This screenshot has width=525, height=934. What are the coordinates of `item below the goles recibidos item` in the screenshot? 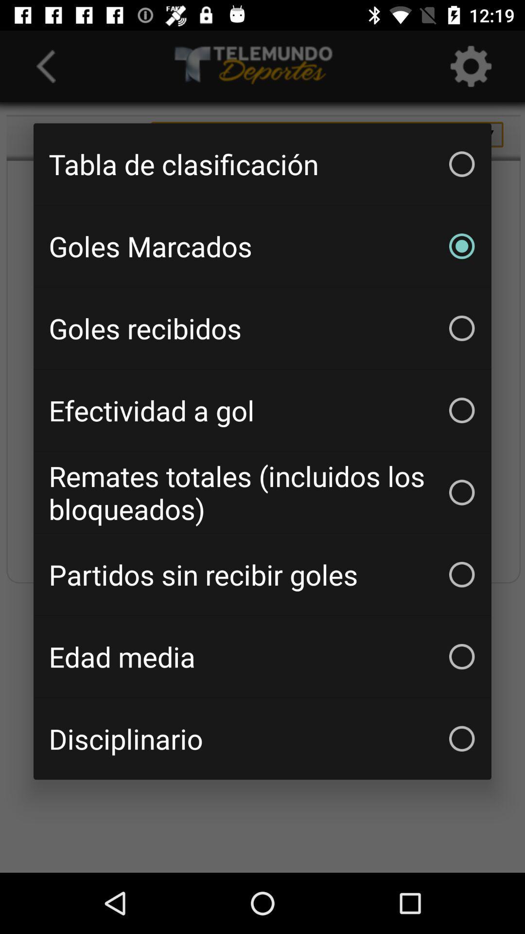 It's located at (262, 410).